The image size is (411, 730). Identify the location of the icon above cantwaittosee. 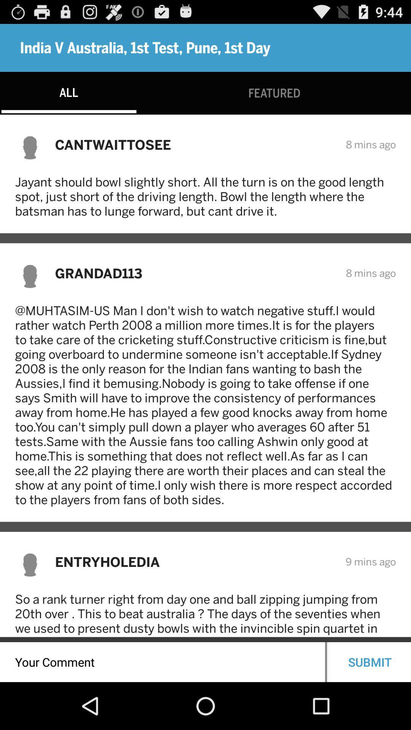
(274, 93).